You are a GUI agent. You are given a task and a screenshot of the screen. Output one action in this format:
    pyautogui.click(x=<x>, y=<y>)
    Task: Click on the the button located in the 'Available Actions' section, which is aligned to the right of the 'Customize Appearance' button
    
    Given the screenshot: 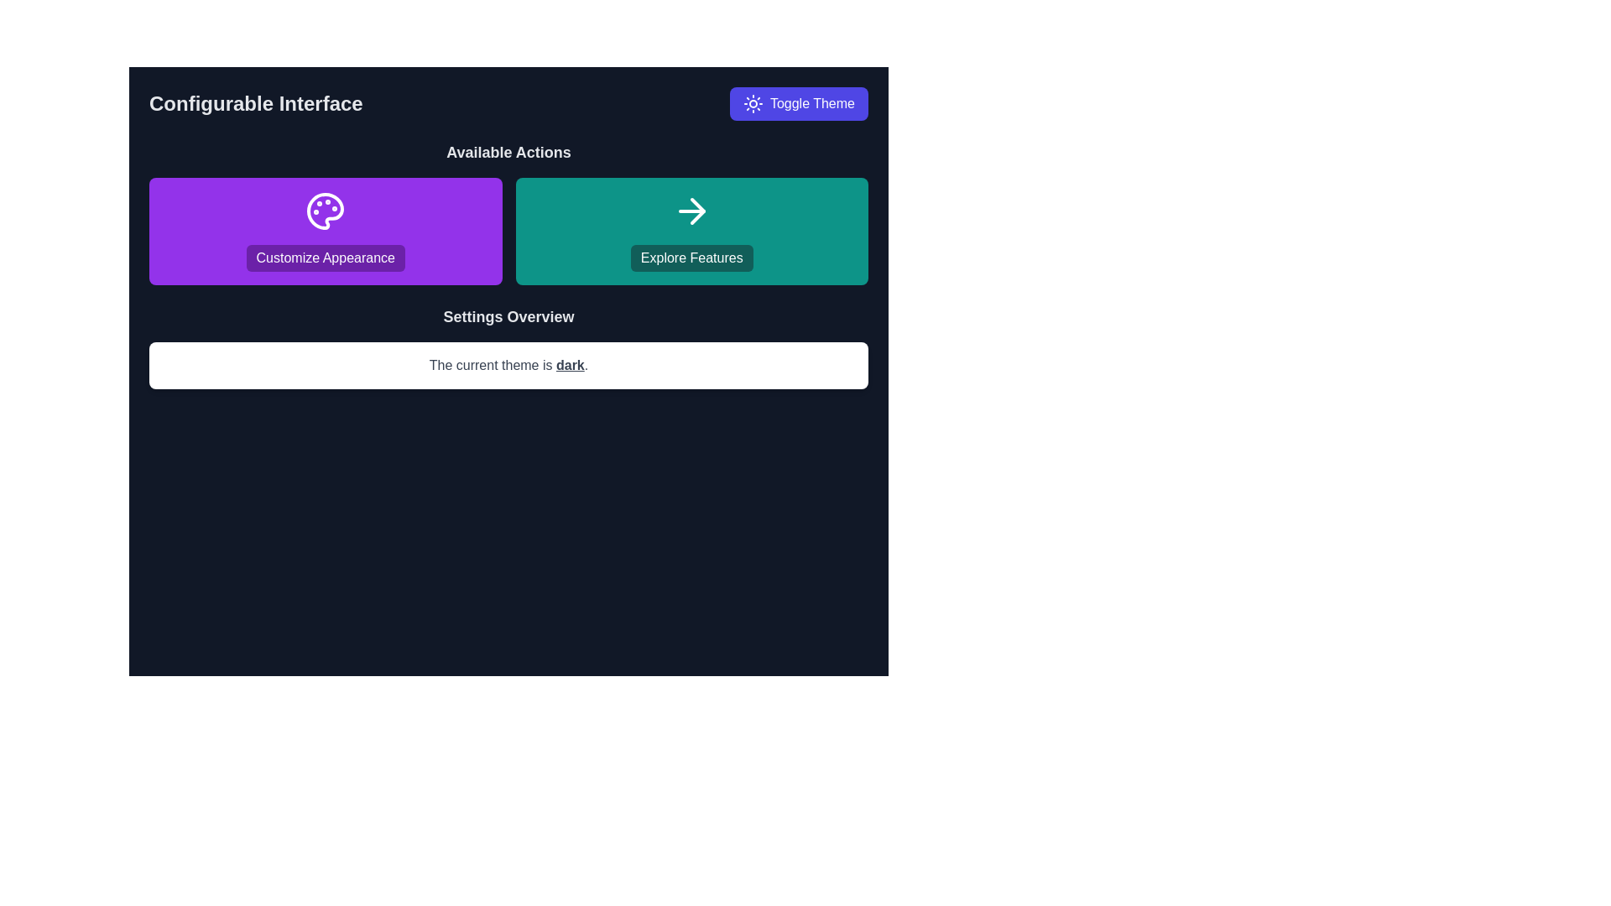 What is the action you would take?
    pyautogui.click(x=691, y=258)
    